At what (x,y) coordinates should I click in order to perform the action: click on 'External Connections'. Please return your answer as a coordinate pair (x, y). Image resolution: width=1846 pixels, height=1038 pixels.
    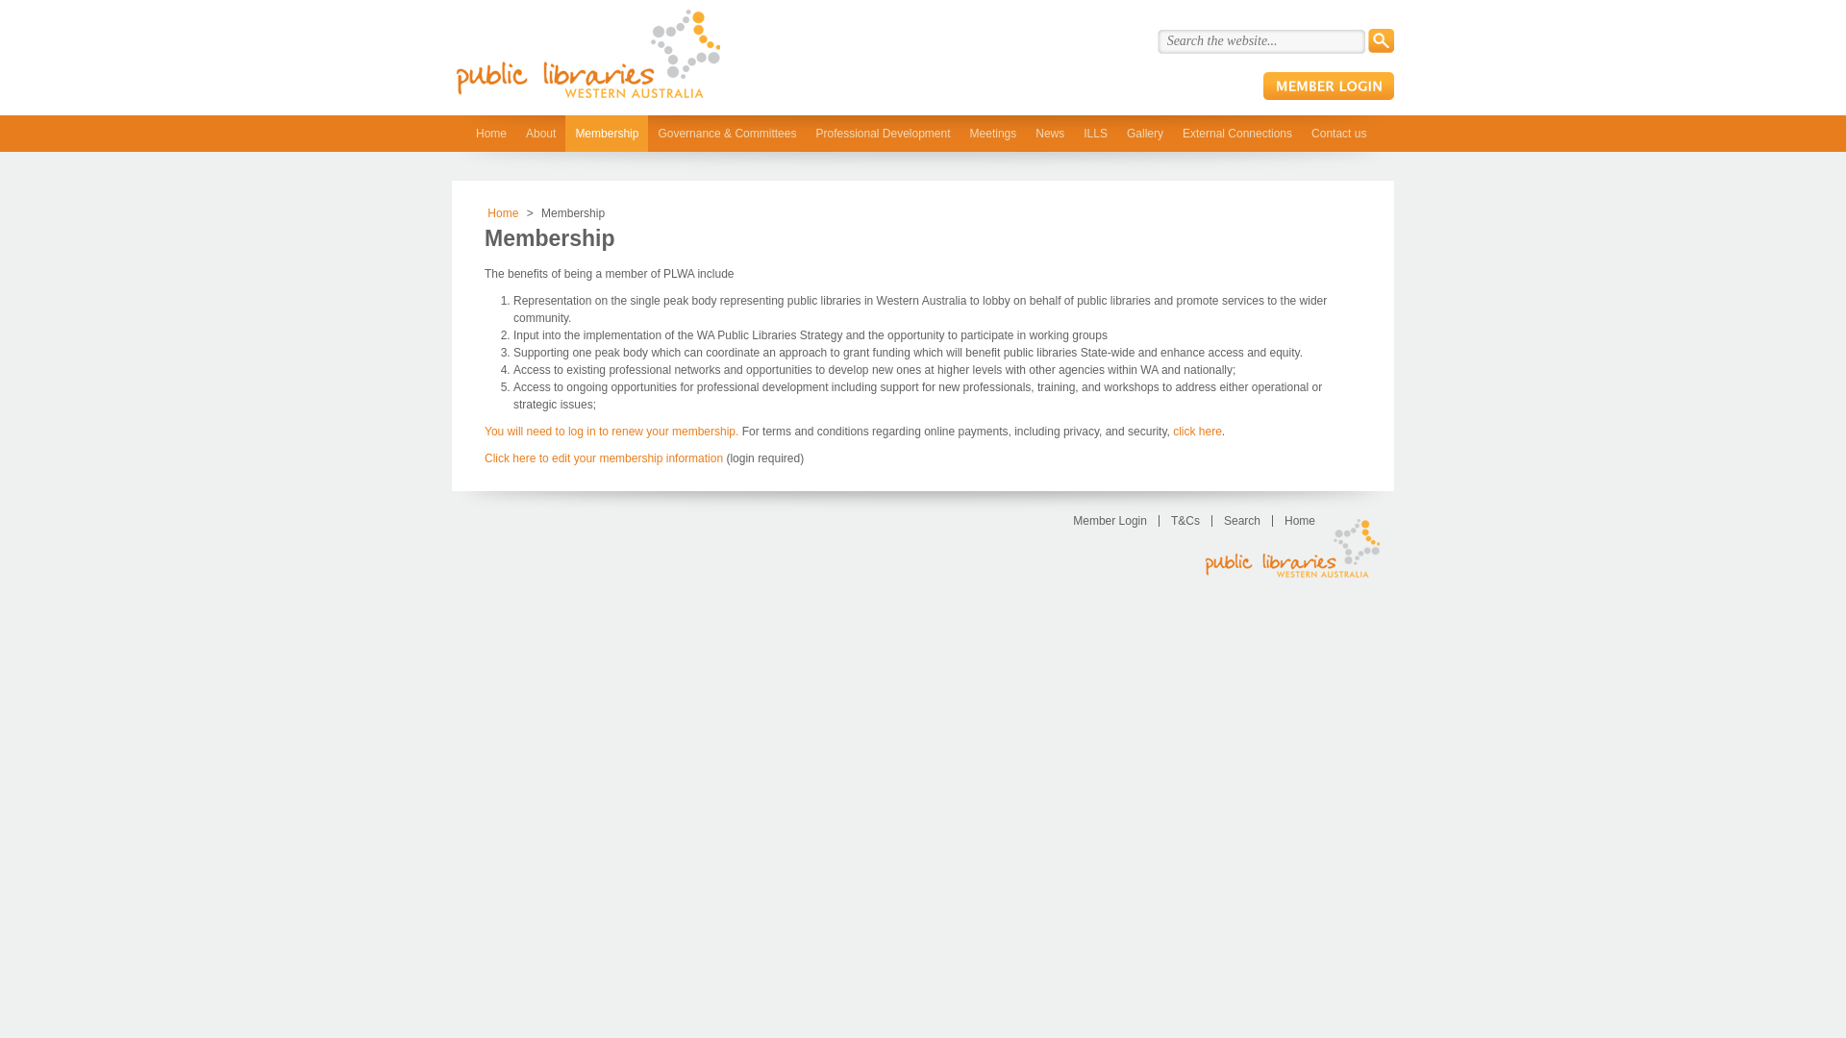
    Looking at the image, I should click on (1236, 132).